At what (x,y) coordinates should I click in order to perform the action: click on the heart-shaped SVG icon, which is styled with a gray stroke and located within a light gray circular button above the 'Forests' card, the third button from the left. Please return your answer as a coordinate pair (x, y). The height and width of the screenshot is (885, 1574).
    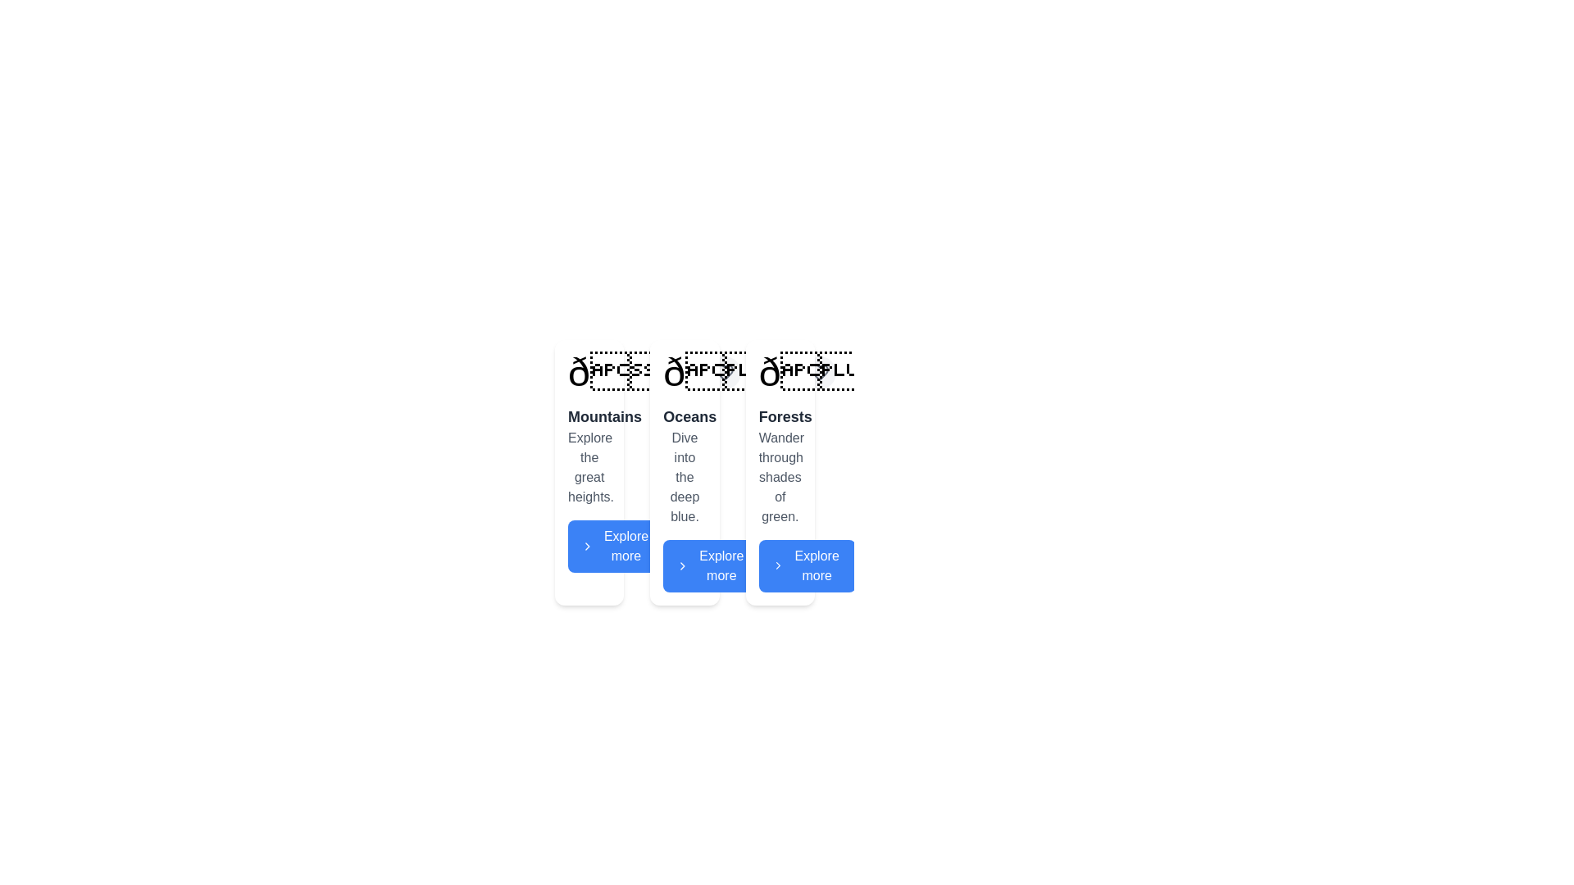
    Looking at the image, I should click on (819, 373).